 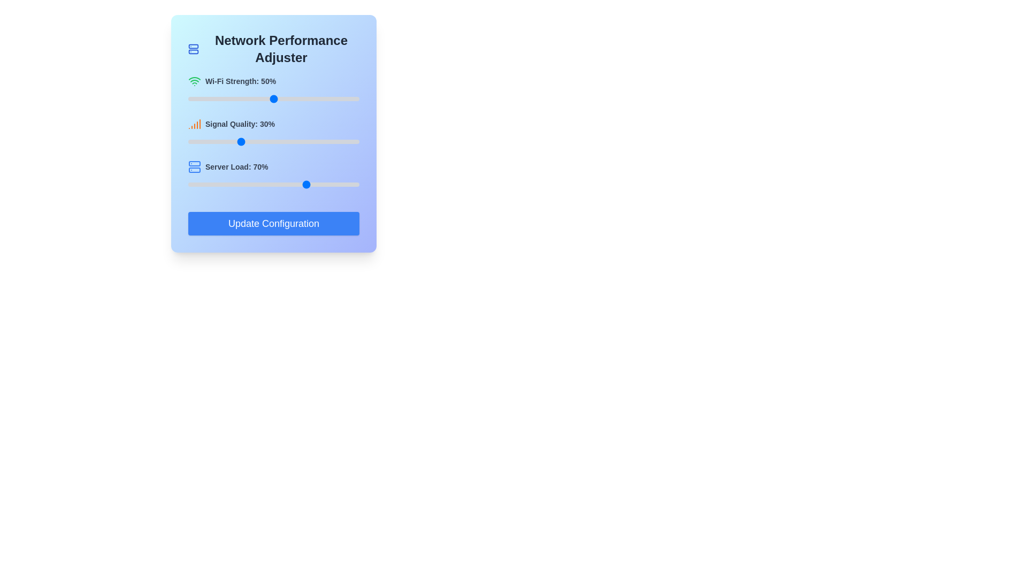 What do you see at coordinates (274, 174) in the screenshot?
I see `the slider labeled 'Server Load: 70%' which is part of the 'Network Performance Adjuster' section` at bounding box center [274, 174].